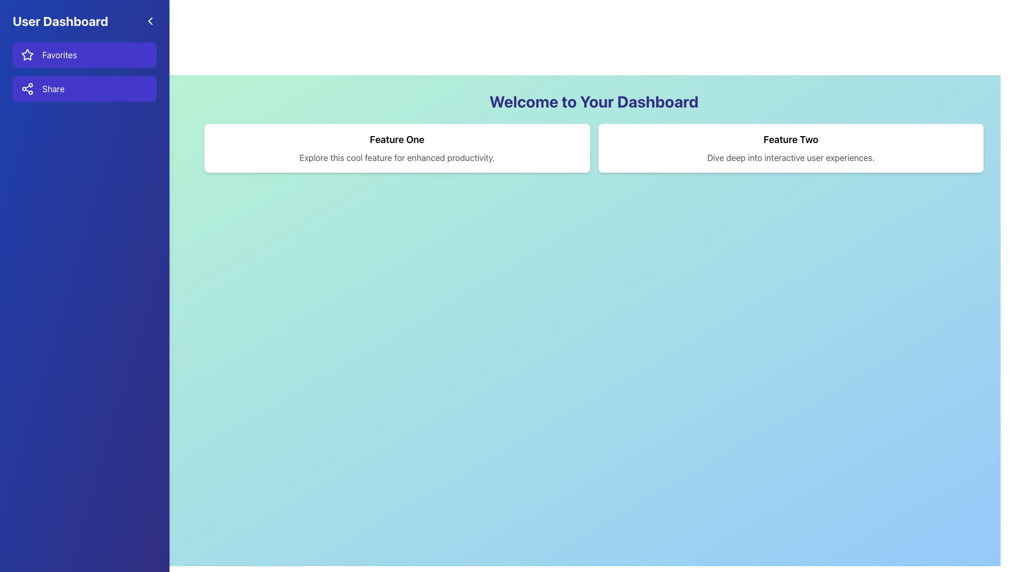 The width and height of the screenshot is (1017, 572). I want to click on the text 'Feature One' which is prominently displayed in bold and larger font size at the top of the first feature card on the dashboard, so click(396, 139).